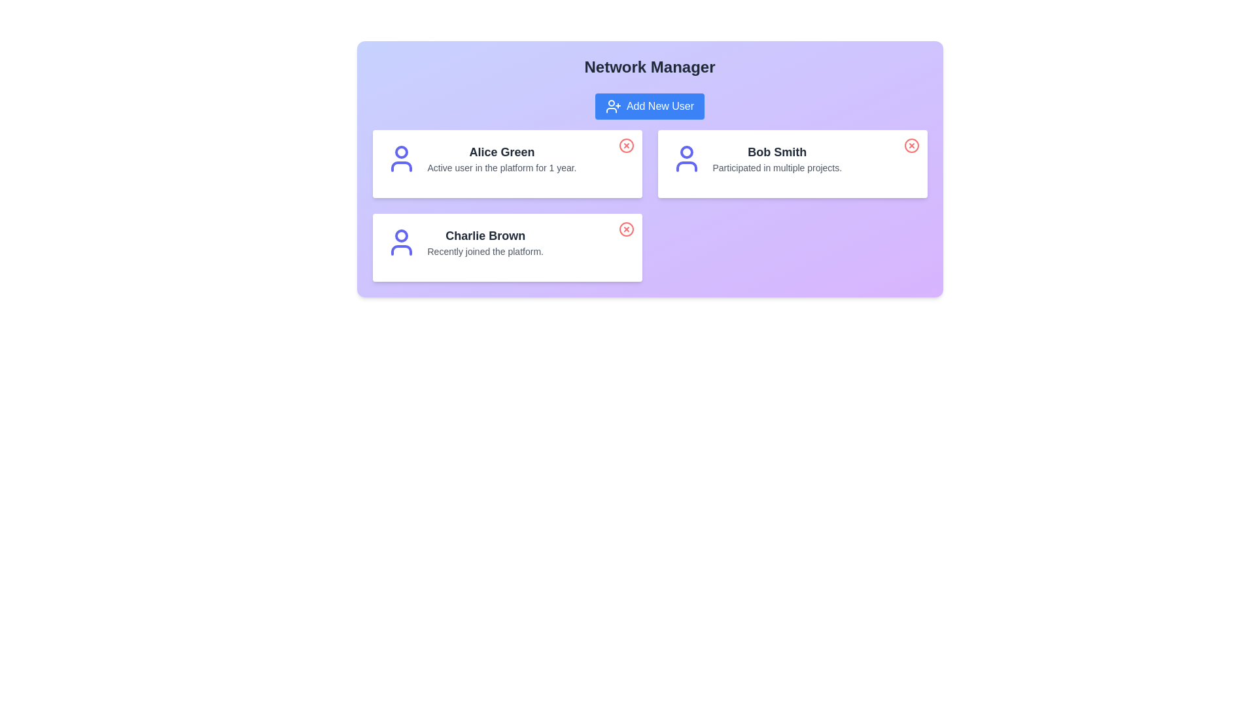  I want to click on remove button for the user Charlie Brown, so click(625, 229).